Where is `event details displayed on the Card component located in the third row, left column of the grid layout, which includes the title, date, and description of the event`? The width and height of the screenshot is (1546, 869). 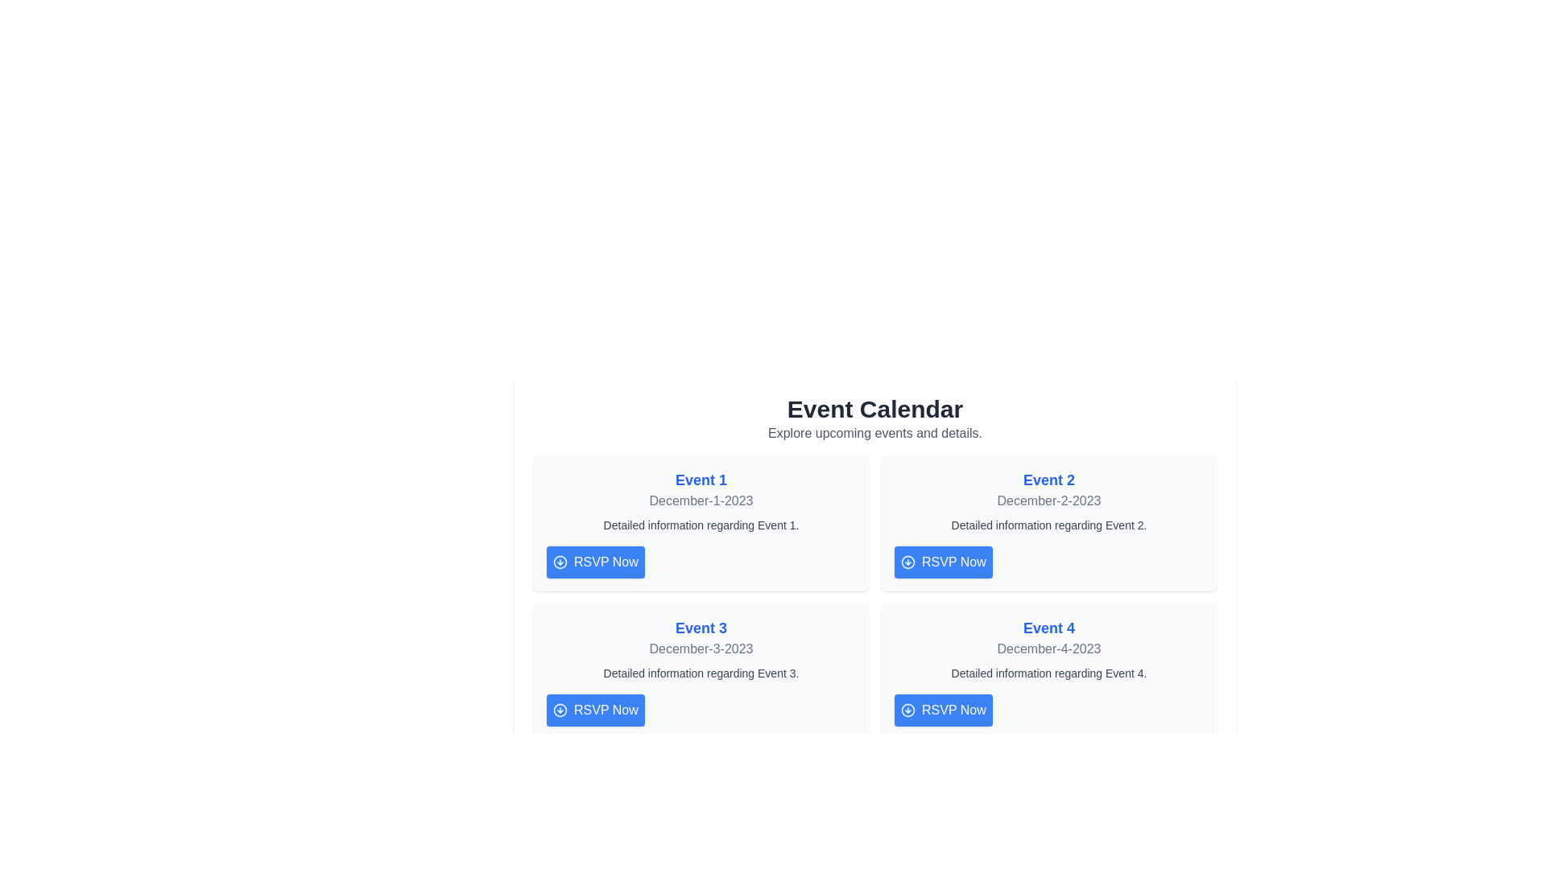
event details displayed on the Card component located in the third row, left column of the grid layout, which includes the title, date, and description of the event is located at coordinates (701, 671).